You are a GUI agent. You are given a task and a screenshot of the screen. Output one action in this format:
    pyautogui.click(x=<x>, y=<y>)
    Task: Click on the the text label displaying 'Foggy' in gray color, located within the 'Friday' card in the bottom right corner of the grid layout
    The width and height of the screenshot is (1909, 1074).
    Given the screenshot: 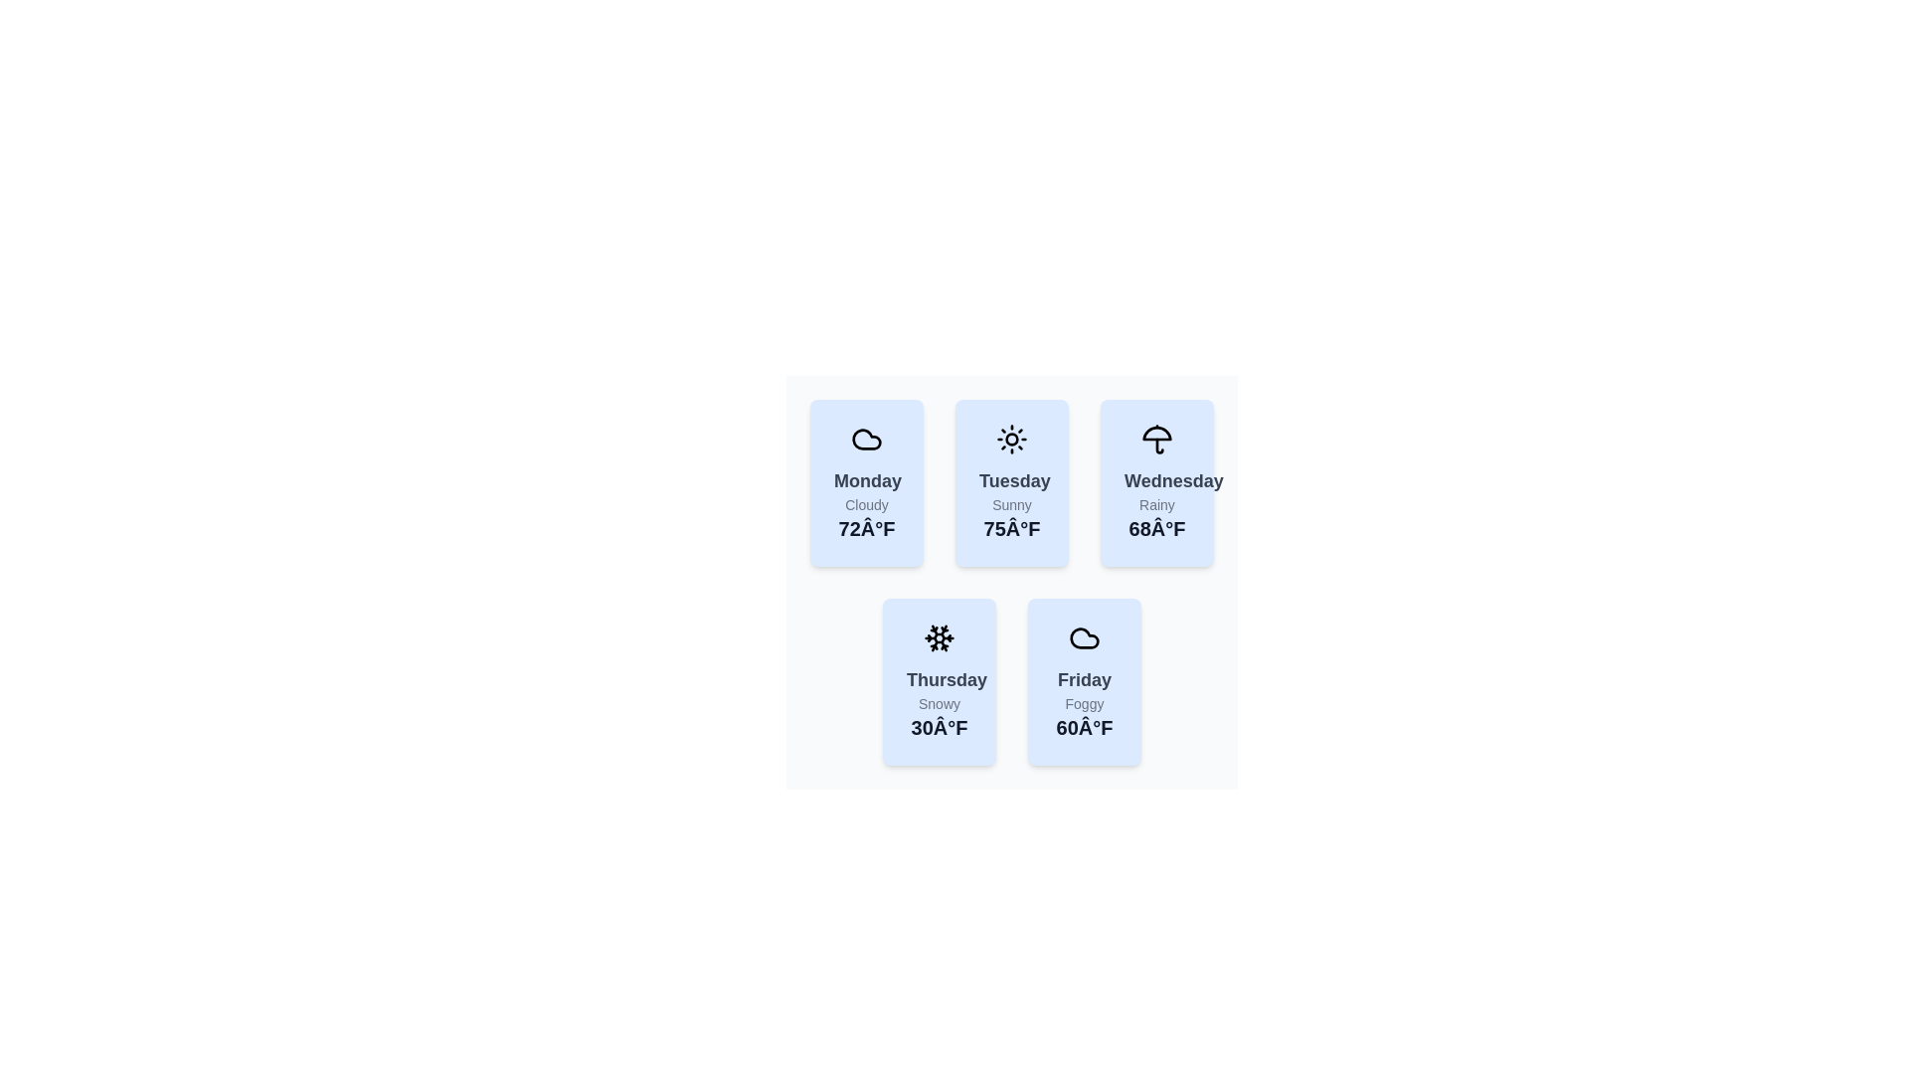 What is the action you would take?
    pyautogui.click(x=1083, y=703)
    